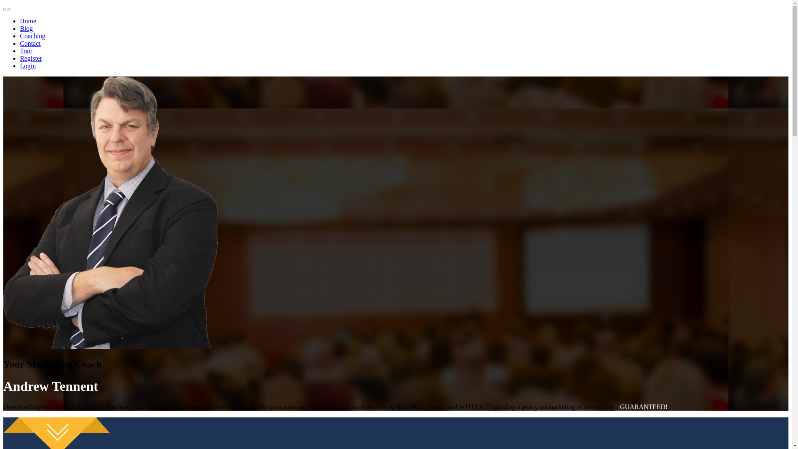 This screenshot has height=449, width=798. Describe the element at coordinates (28, 65) in the screenshot. I see `'Login'` at that location.